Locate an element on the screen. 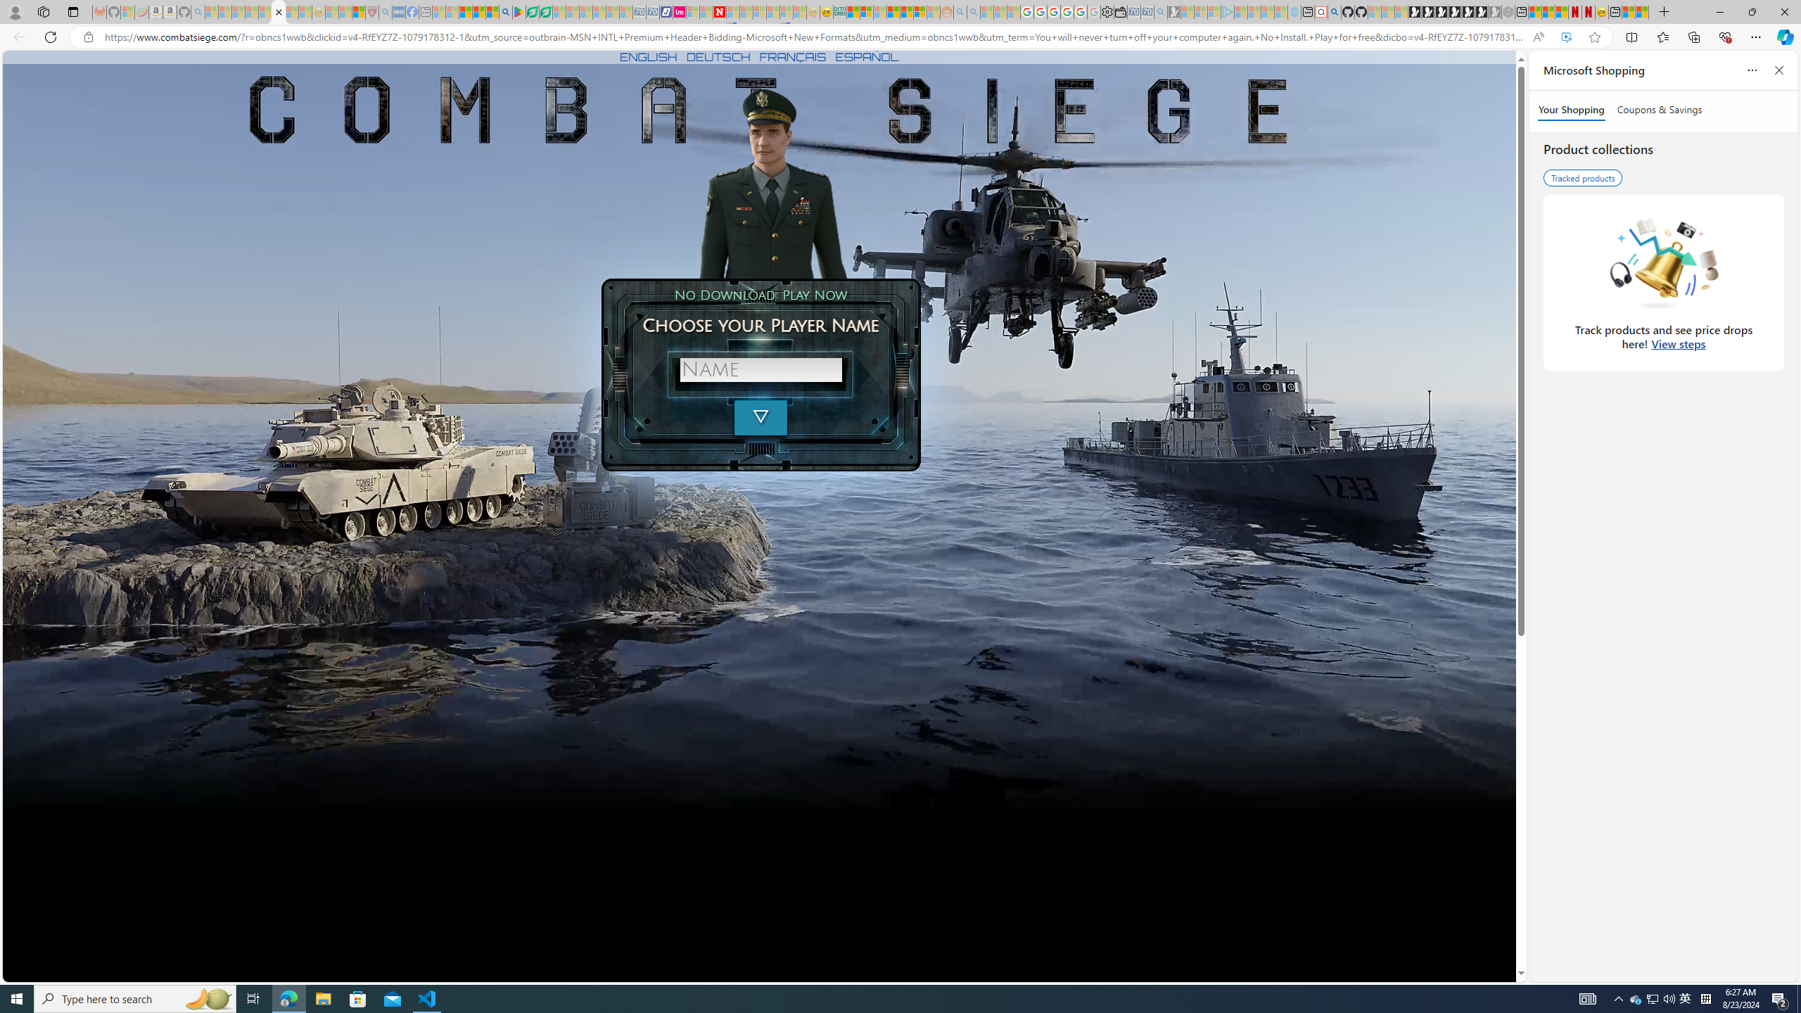 The width and height of the screenshot is (1801, 1013). 'Wildlife - MSN' is located at coordinates (1628, 11).